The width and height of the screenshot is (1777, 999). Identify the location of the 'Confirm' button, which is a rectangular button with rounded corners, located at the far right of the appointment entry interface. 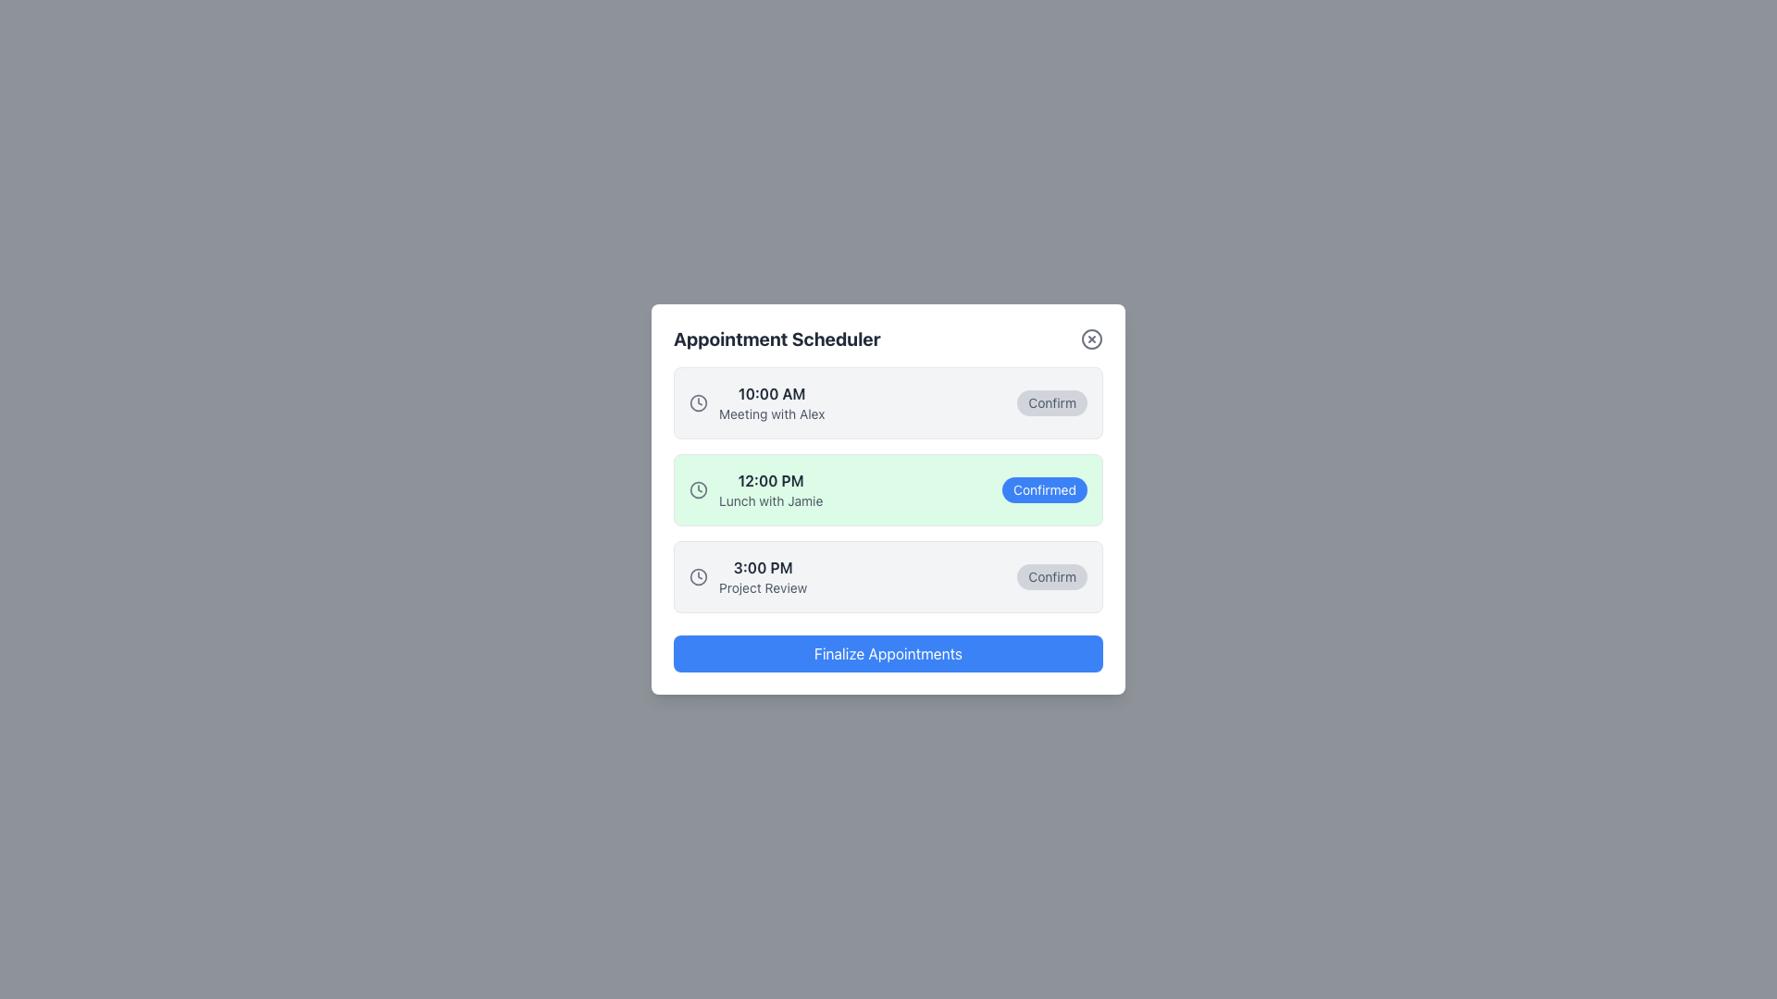
(1052, 576).